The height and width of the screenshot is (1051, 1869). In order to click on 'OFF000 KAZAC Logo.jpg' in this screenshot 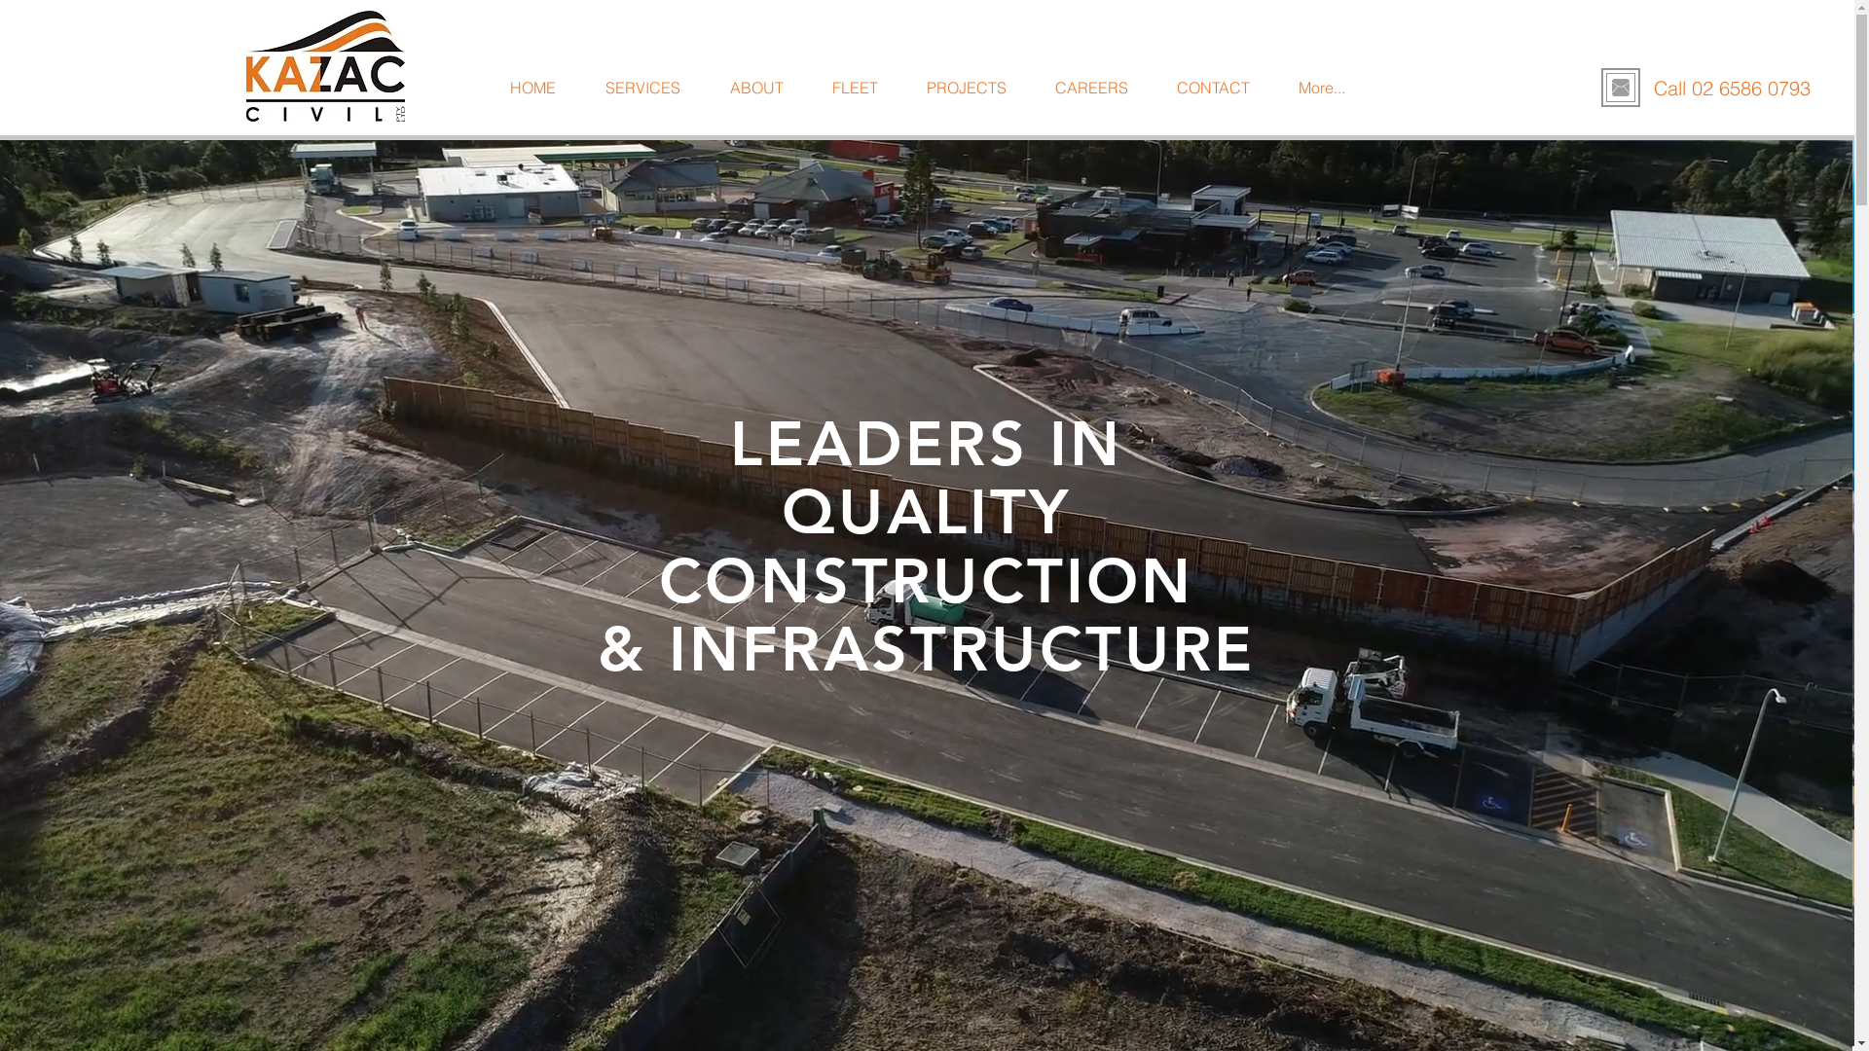, I will do `click(324, 65)`.